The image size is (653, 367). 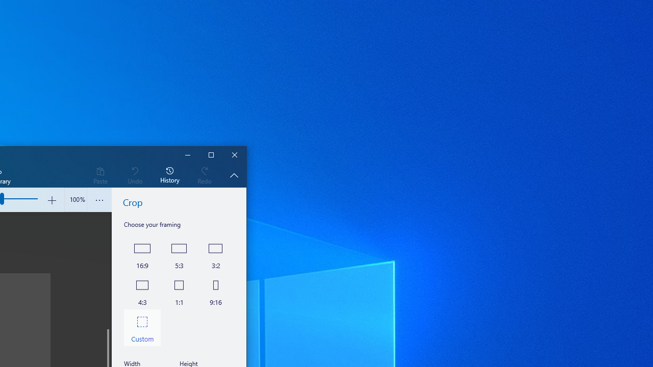 What do you see at coordinates (142, 253) in the screenshot?
I see `'16 by 9'` at bounding box center [142, 253].